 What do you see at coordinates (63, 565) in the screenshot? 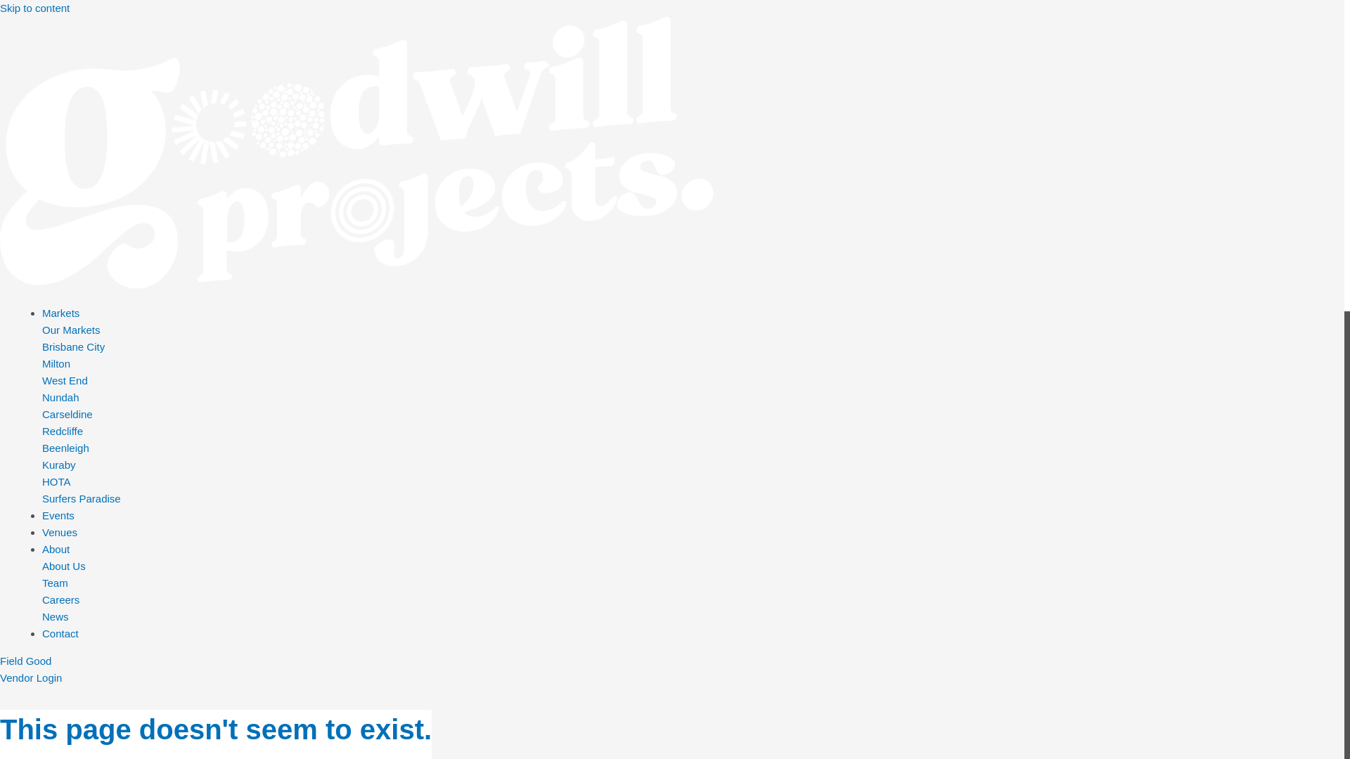
I see `'About Us'` at bounding box center [63, 565].